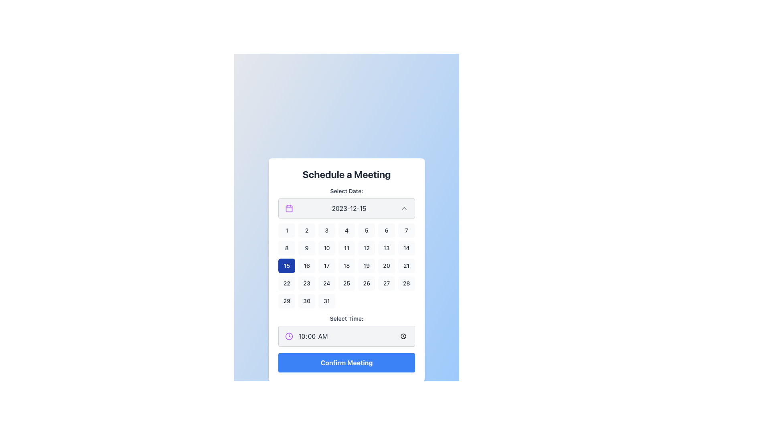 This screenshot has height=433, width=770. Describe the element at coordinates (326, 301) in the screenshot. I see `the selectable day button representing the 31st day in the calendar interface` at that location.